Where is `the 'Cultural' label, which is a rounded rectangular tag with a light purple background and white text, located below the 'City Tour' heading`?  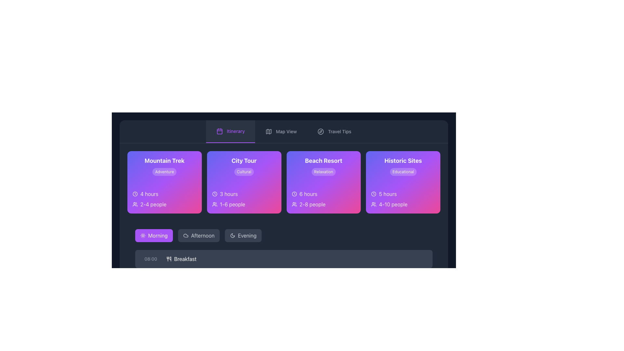 the 'Cultural' label, which is a rounded rectangular tag with a light purple background and white text, located below the 'City Tour' heading is located at coordinates (244, 171).